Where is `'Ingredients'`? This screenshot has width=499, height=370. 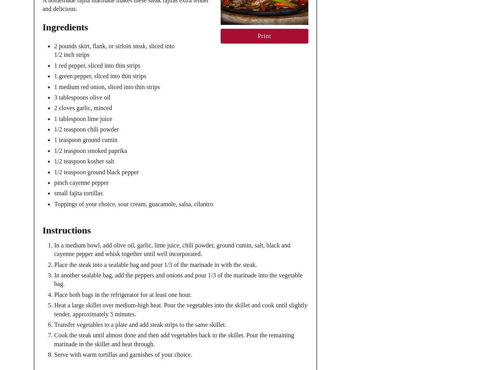 'Ingredients' is located at coordinates (65, 27).